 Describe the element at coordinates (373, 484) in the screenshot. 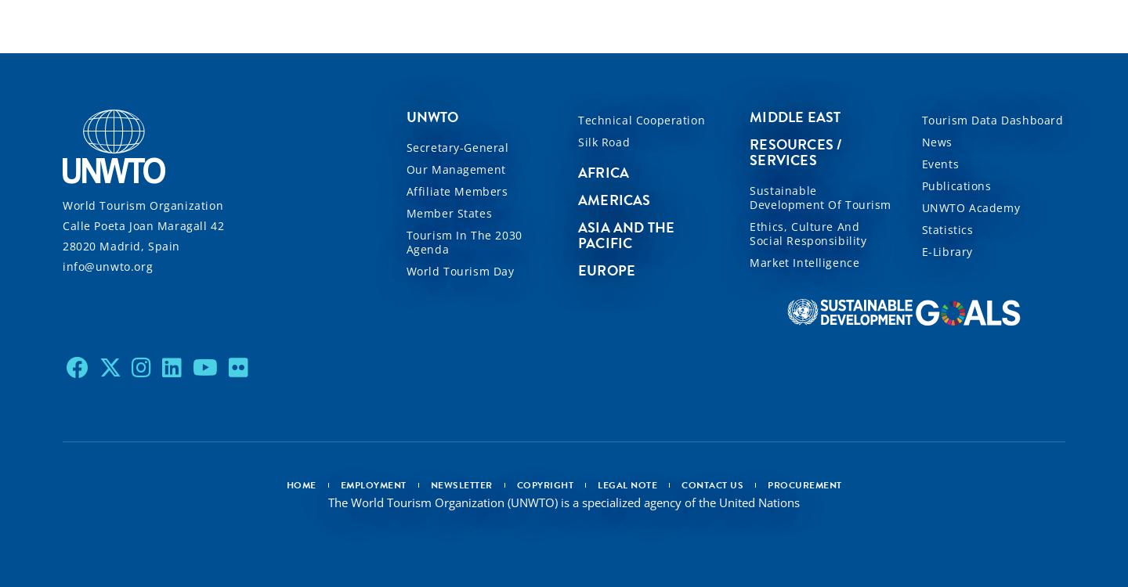

I see `'Employment'` at that location.